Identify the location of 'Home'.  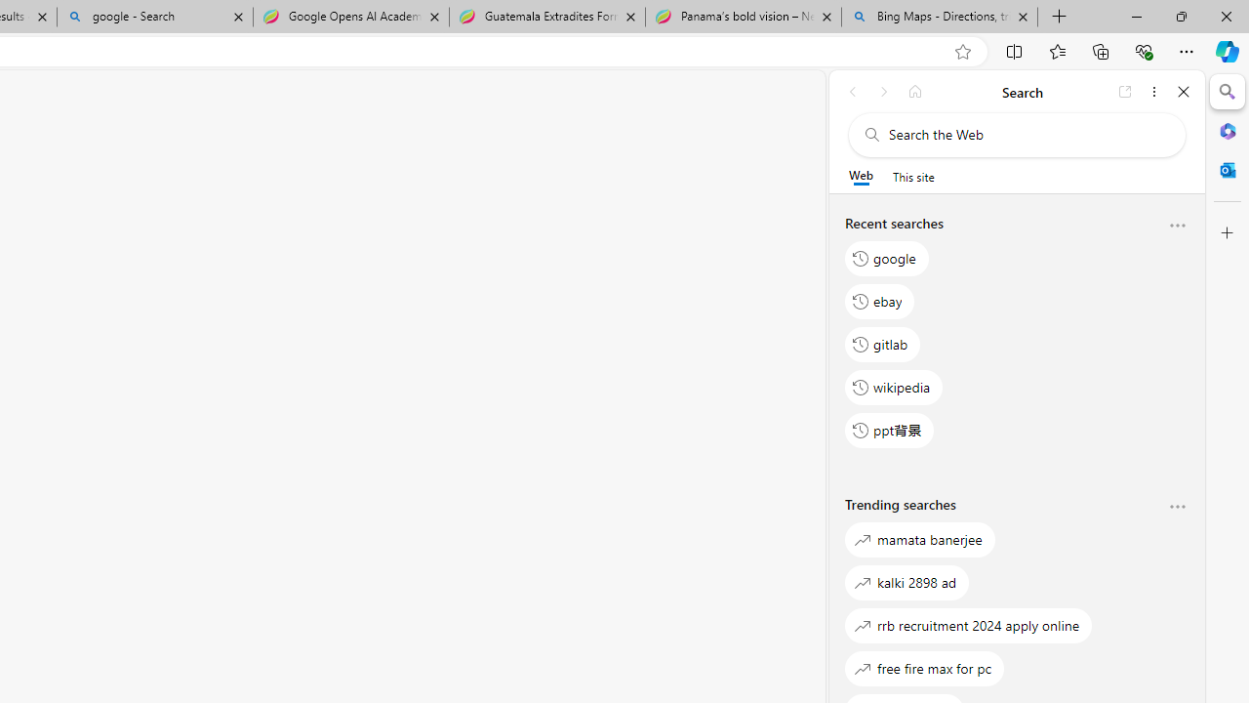
(914, 91).